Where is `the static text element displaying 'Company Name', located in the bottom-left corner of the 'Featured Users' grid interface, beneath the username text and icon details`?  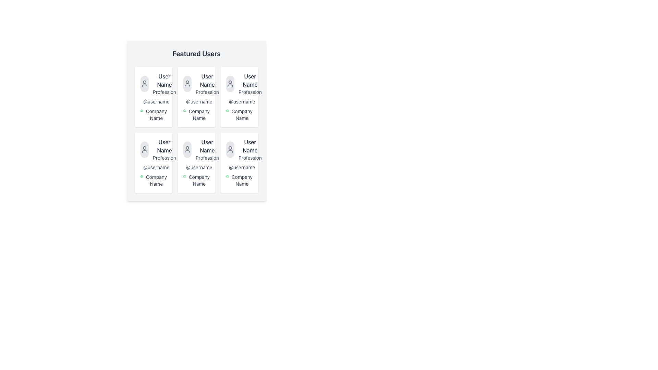
the static text element displaying 'Company Name', located in the bottom-left corner of the 'Featured Users' grid interface, beneath the username text and icon details is located at coordinates (156, 180).